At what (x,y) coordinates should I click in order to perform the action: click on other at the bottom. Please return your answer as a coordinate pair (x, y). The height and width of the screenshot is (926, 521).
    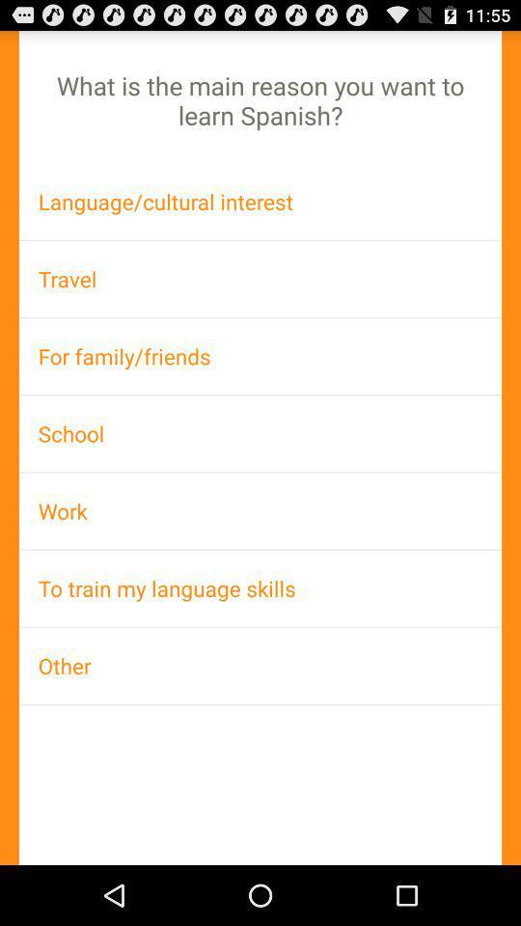
    Looking at the image, I should click on (260, 666).